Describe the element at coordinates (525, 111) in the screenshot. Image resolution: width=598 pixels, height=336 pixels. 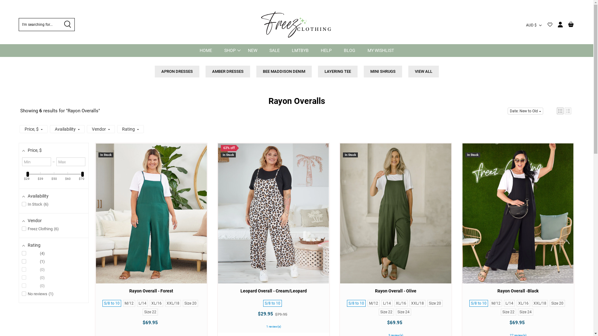
I see `'Date: New to Old'` at that location.